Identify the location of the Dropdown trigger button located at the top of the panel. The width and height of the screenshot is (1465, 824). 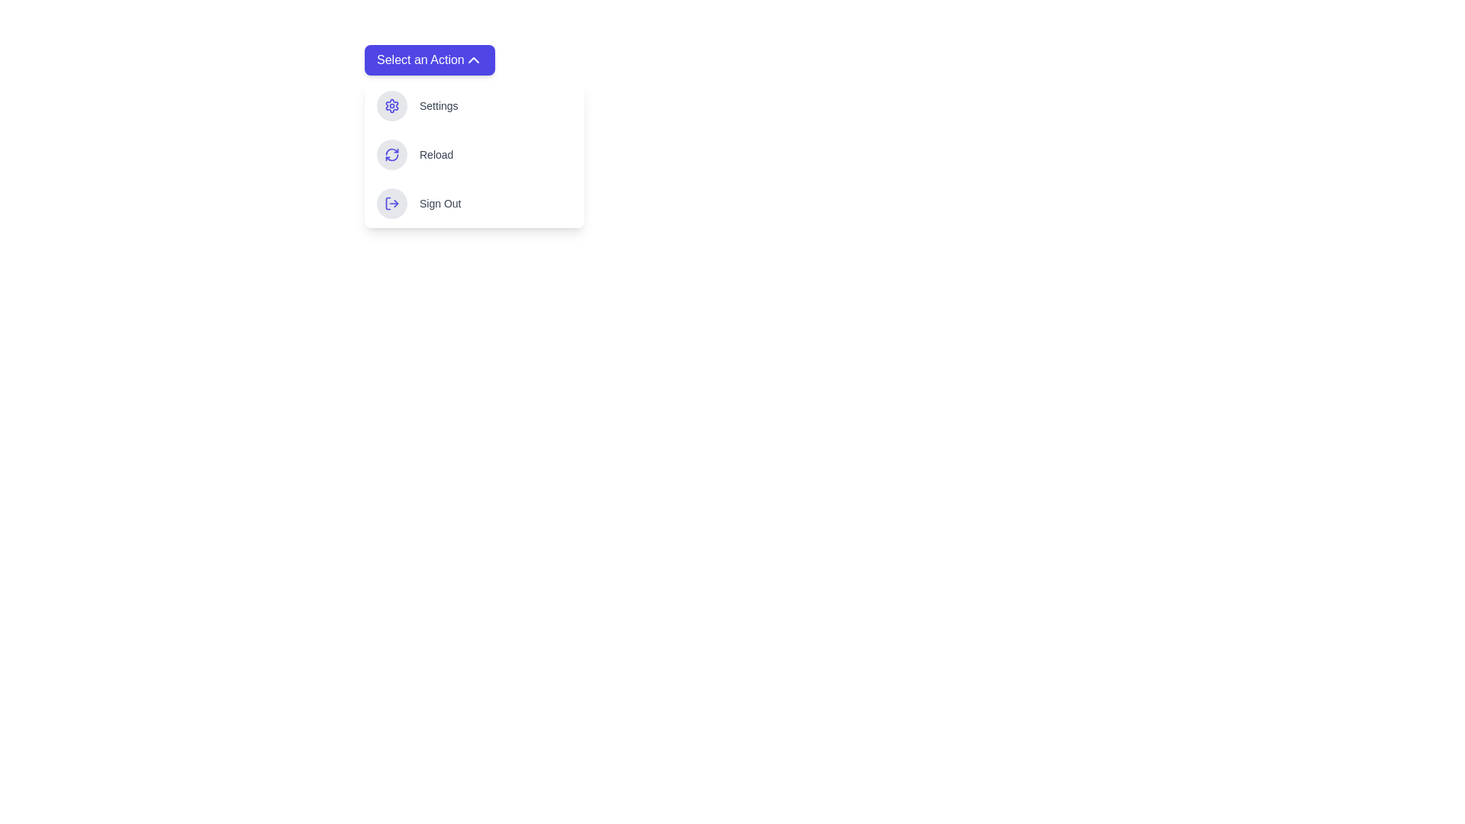
(429, 59).